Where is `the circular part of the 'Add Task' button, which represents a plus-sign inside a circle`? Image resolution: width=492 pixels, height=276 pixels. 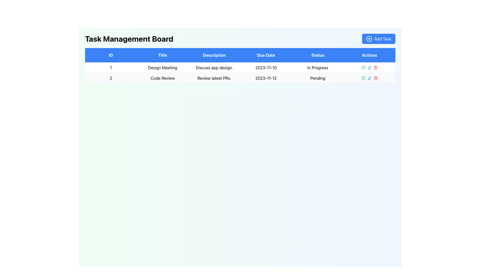 the circular part of the 'Add Task' button, which represents a plus-sign inside a circle is located at coordinates (369, 38).